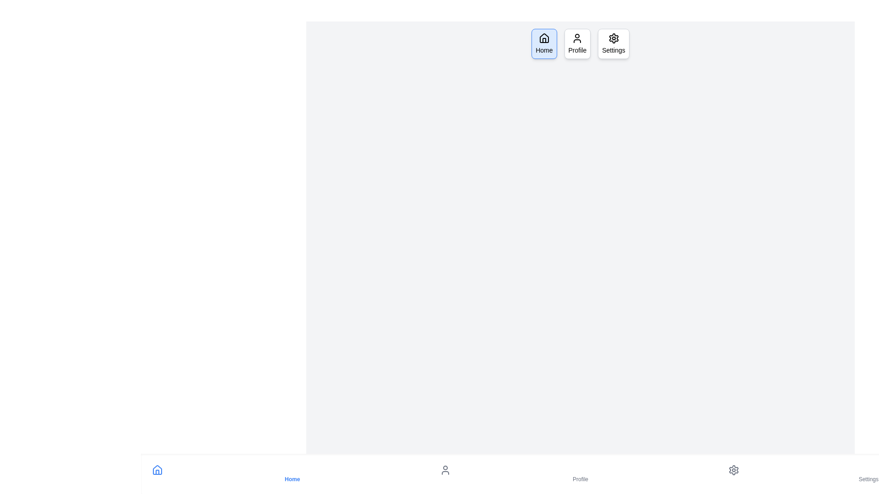 The height and width of the screenshot is (494, 879). What do you see at coordinates (157, 470) in the screenshot?
I see `the house icon located within the 'Home' button on the lower navigation bar` at bounding box center [157, 470].